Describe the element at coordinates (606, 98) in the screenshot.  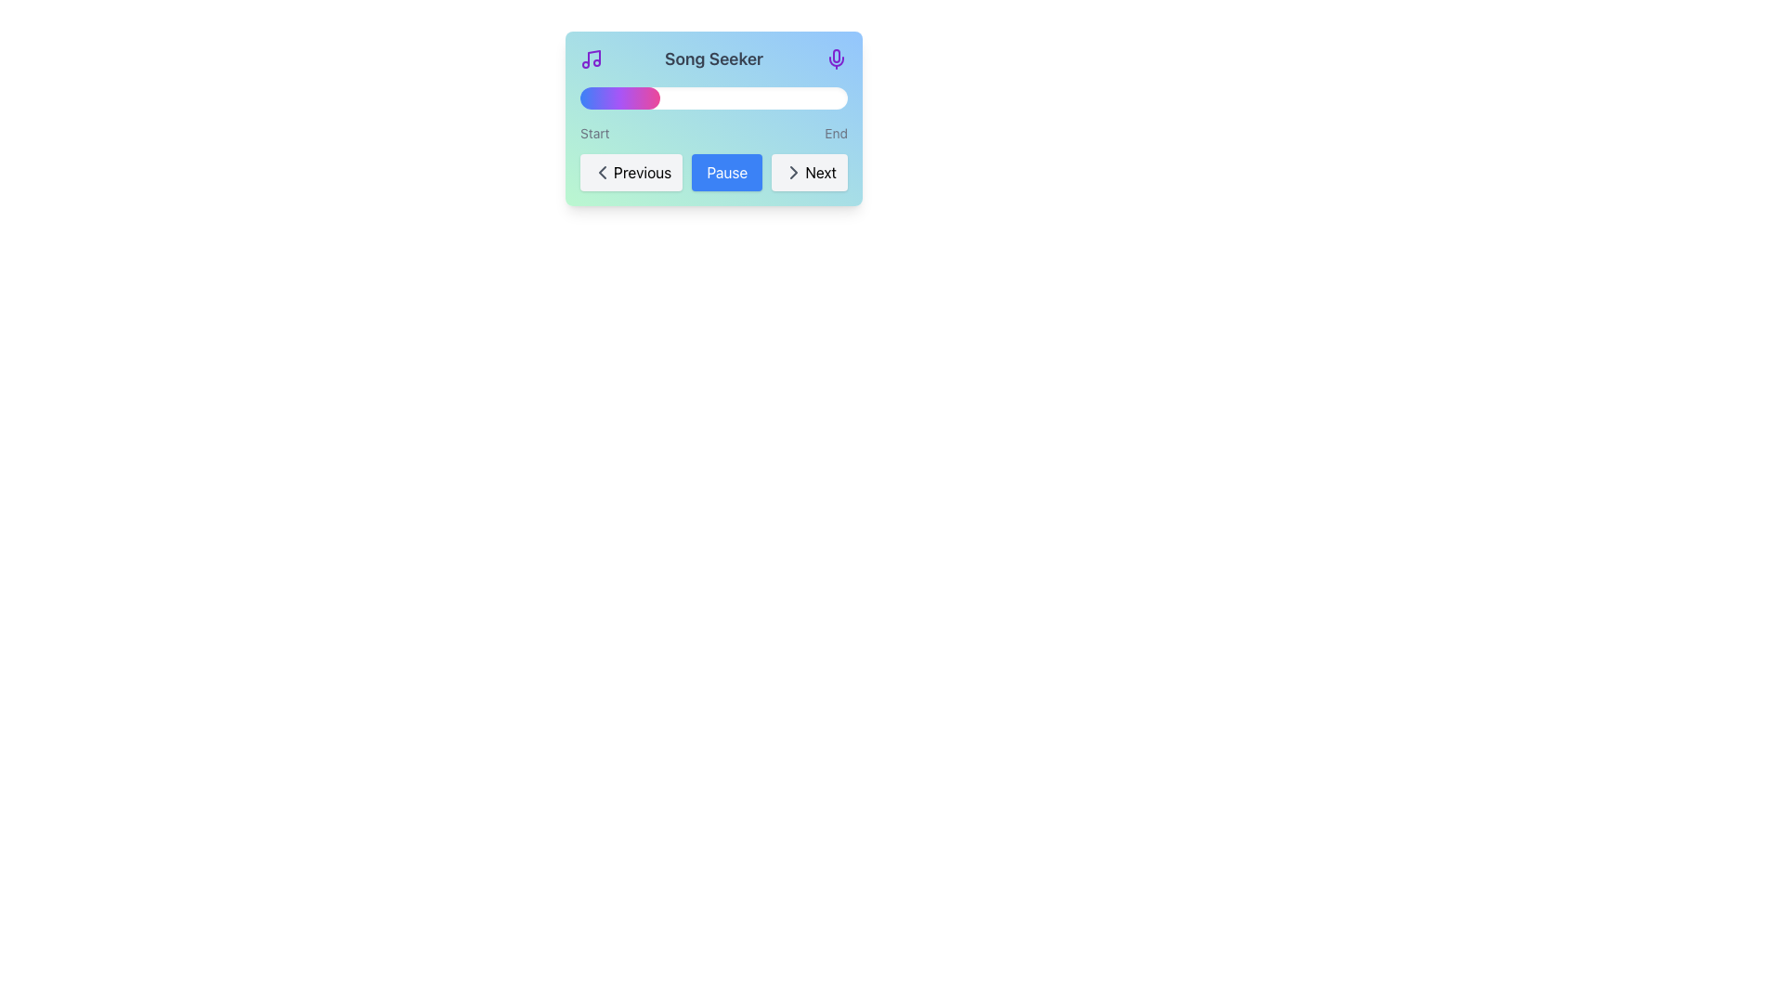
I see `the slider value` at that location.